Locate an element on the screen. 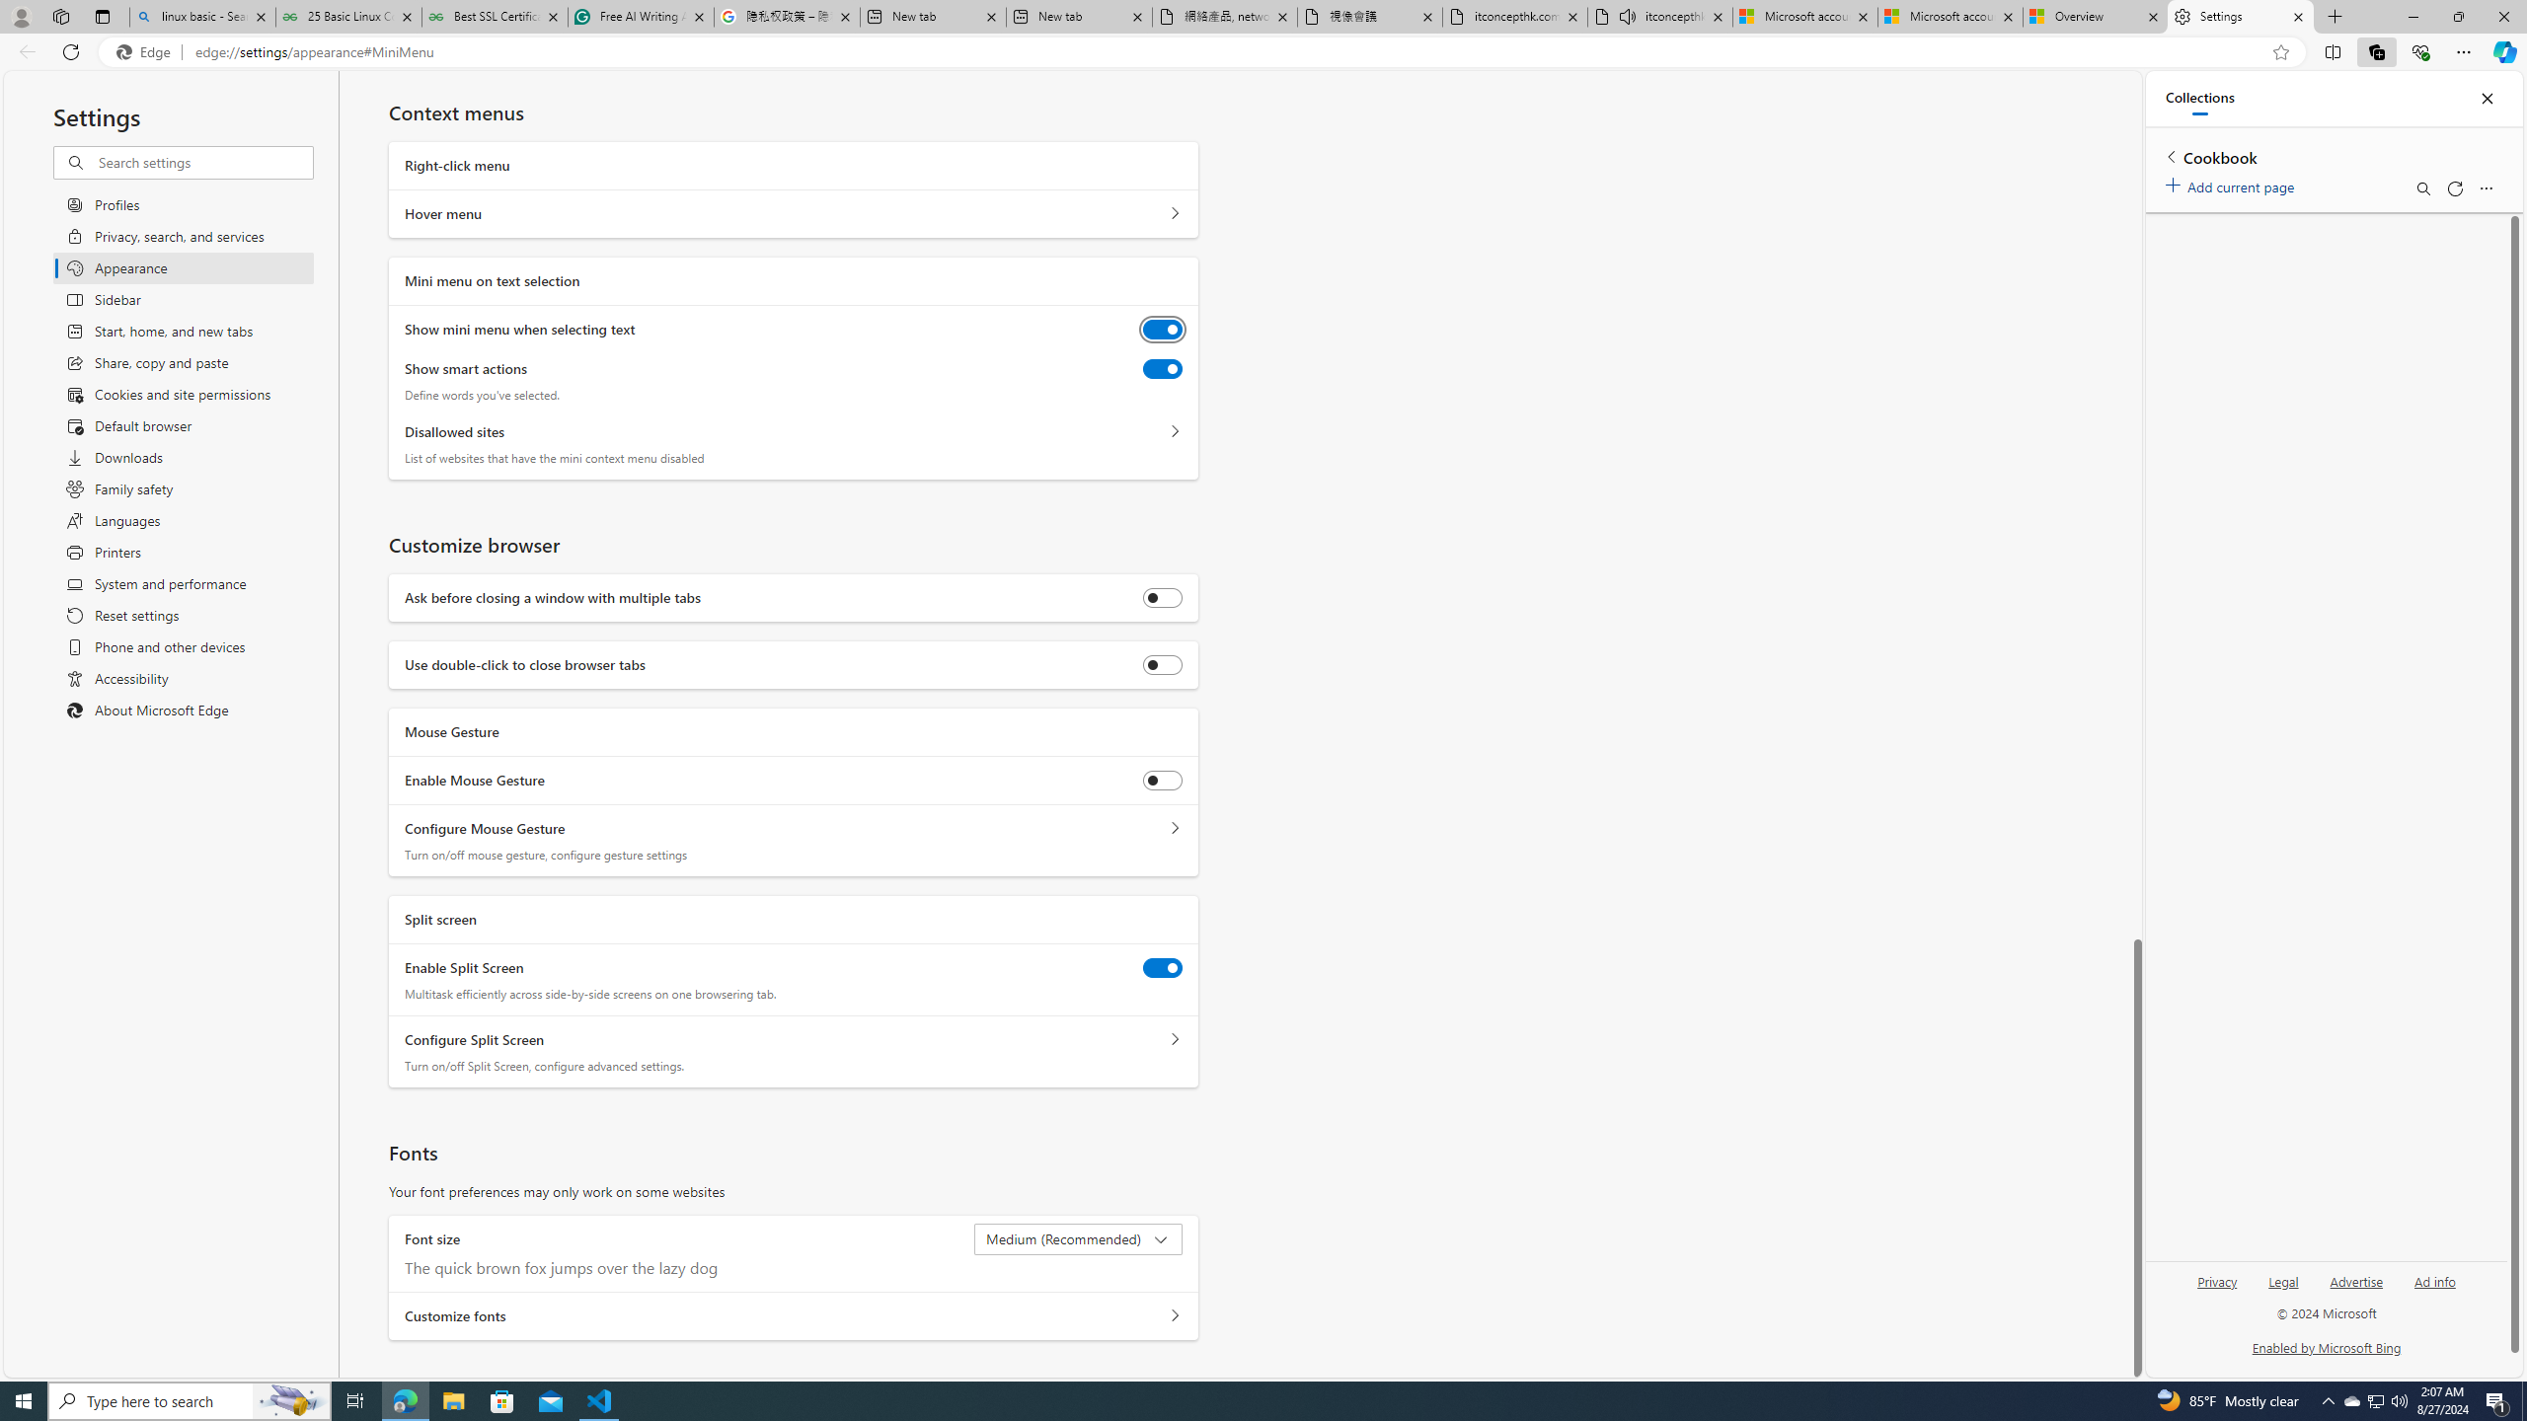 The height and width of the screenshot is (1421, 2527). 'Edge' is located at coordinates (146, 52).